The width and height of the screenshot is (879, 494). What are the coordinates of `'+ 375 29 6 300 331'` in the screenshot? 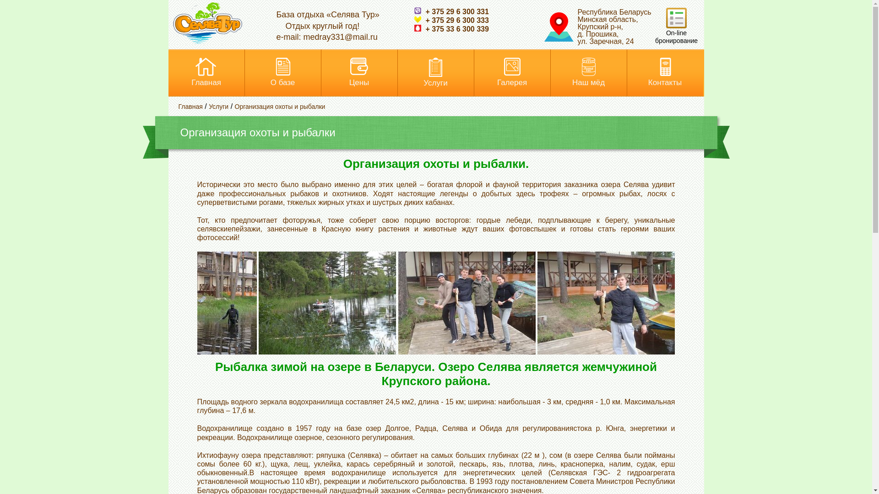 It's located at (451, 11).